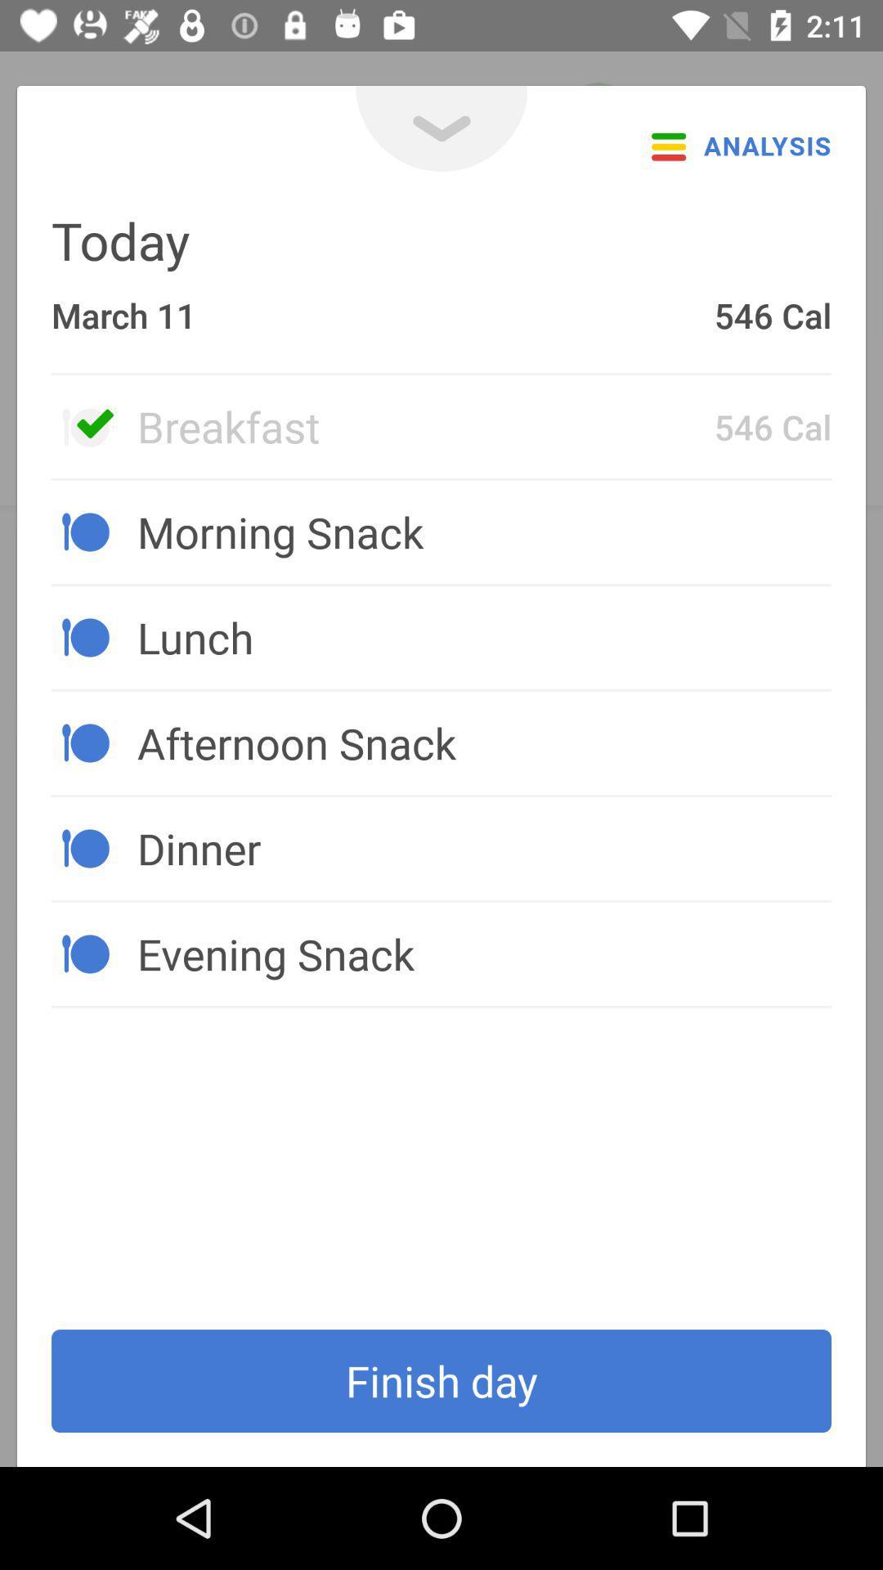 Image resolution: width=883 pixels, height=1570 pixels. What do you see at coordinates (483, 953) in the screenshot?
I see `the item below dinner item` at bounding box center [483, 953].